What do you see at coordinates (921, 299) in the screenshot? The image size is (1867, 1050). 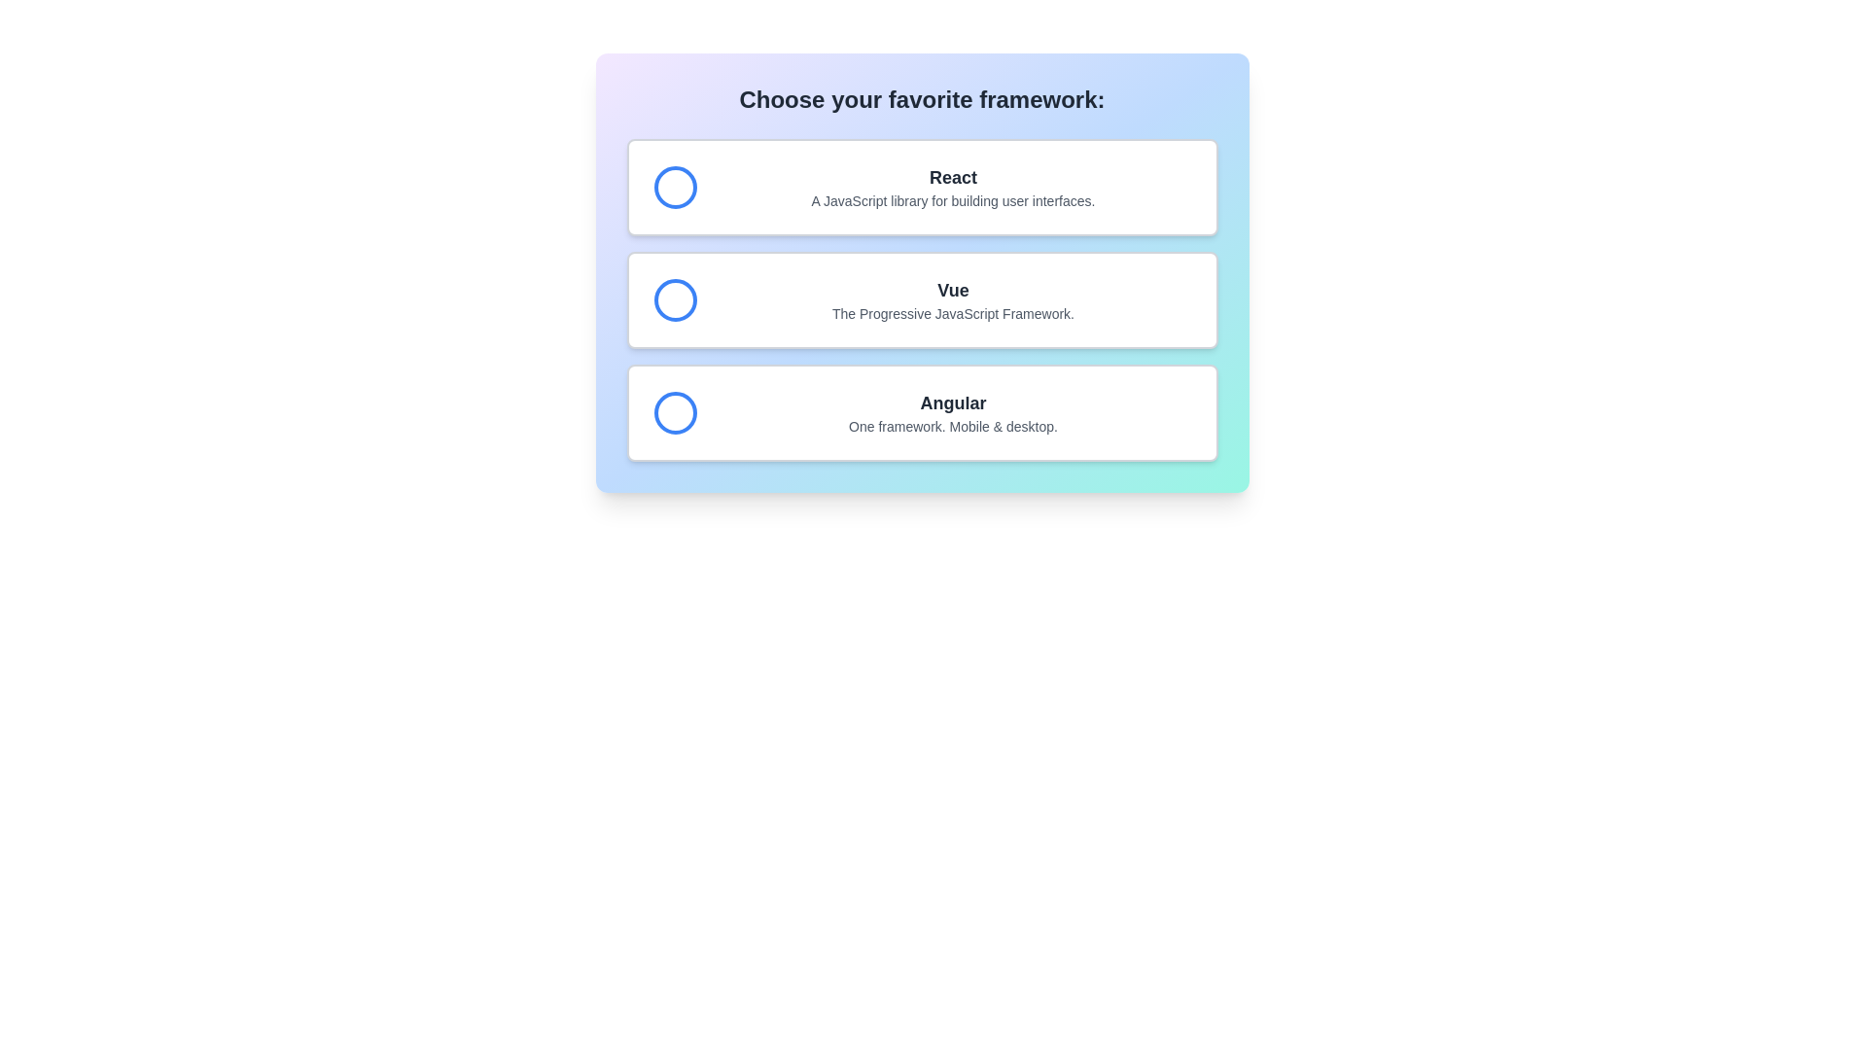 I see `the Vue information card for keyboard navigation` at bounding box center [921, 299].